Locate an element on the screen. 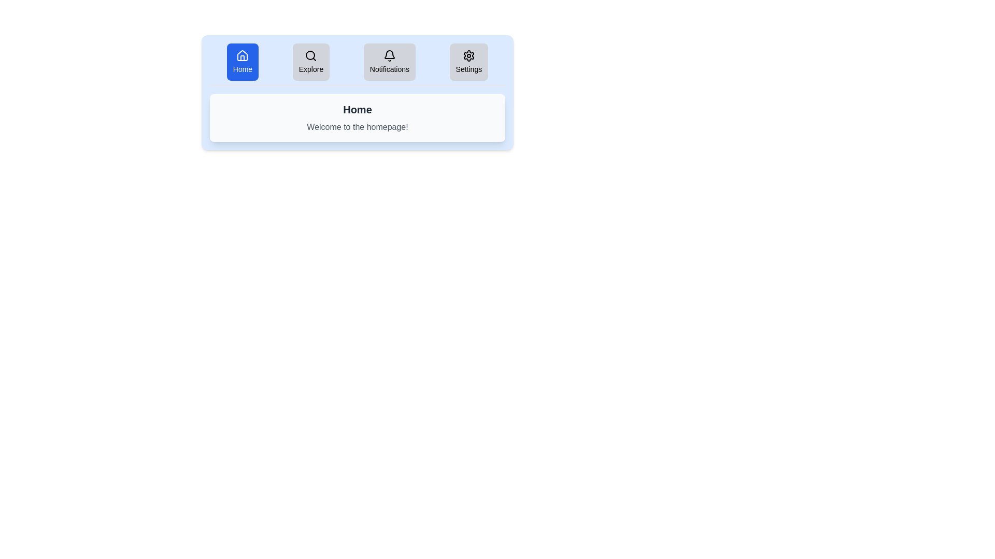  the tab labeled Home to view its content is located at coordinates (241, 62).